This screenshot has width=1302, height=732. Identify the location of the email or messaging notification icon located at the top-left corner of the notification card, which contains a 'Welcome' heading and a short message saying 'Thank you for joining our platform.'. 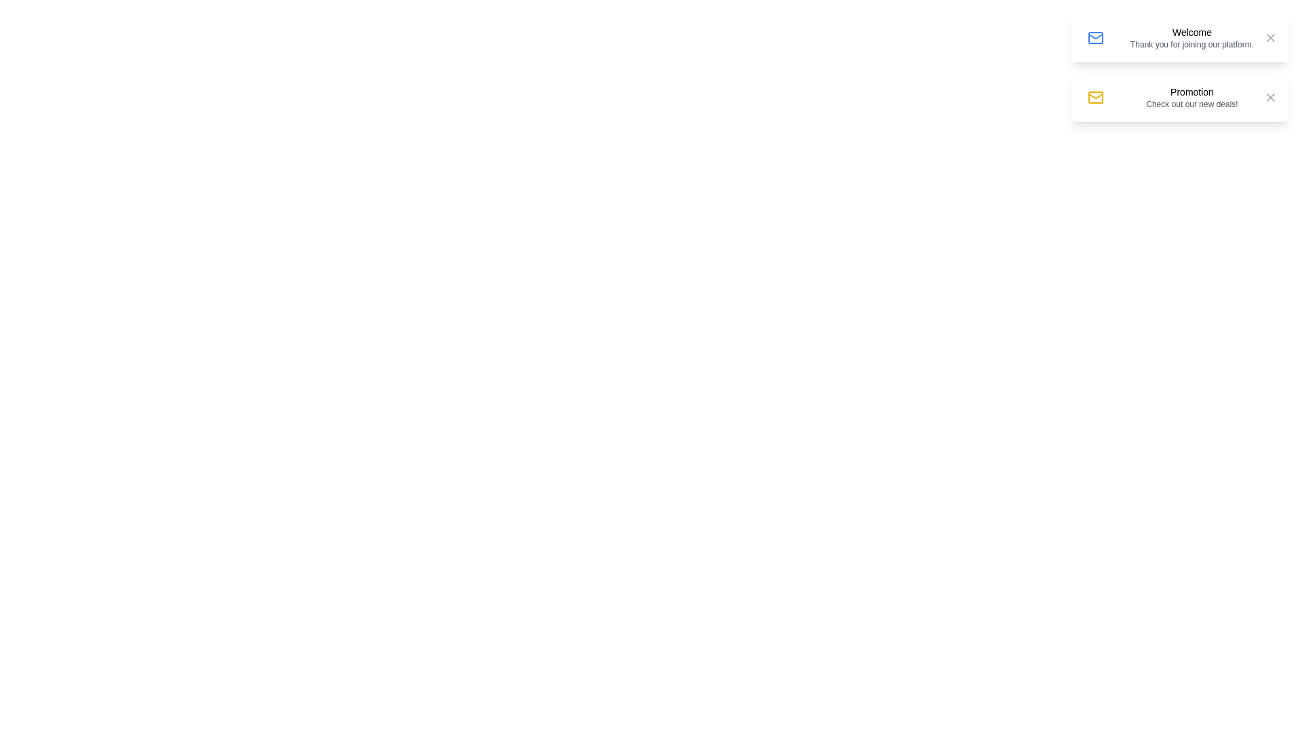
(1096, 37).